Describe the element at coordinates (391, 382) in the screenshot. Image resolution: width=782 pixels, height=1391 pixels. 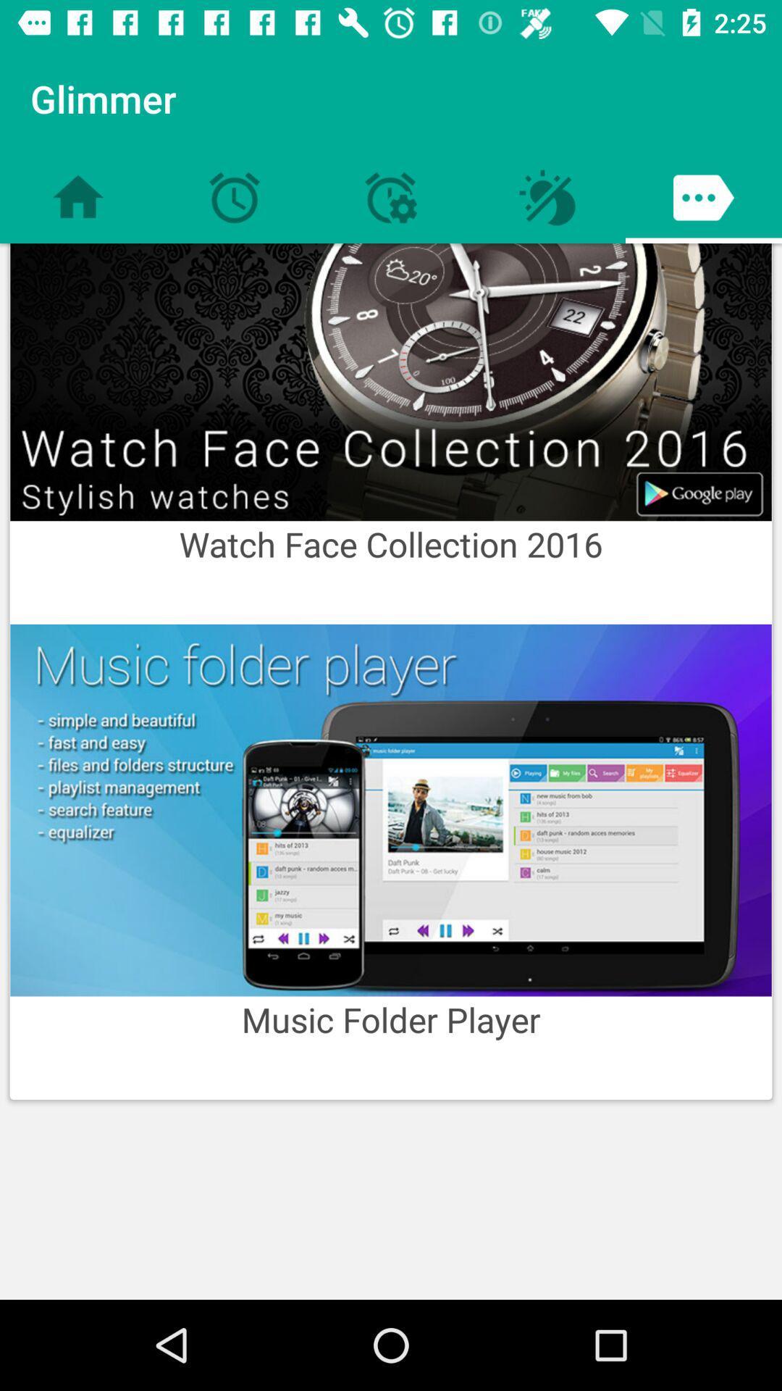
I see `click watches` at that location.